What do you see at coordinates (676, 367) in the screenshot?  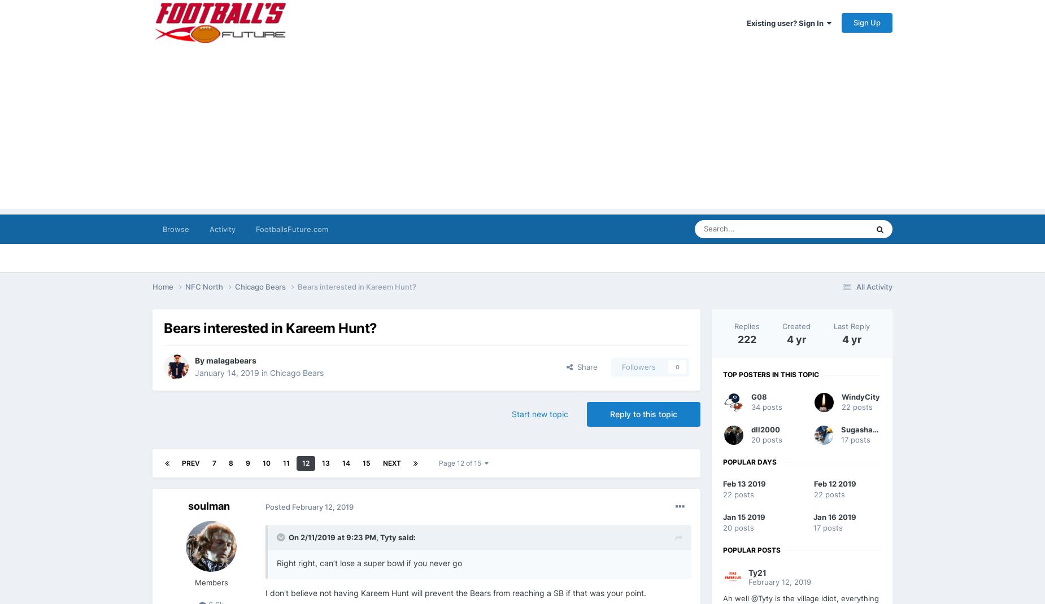 I see `'0'` at bounding box center [676, 367].